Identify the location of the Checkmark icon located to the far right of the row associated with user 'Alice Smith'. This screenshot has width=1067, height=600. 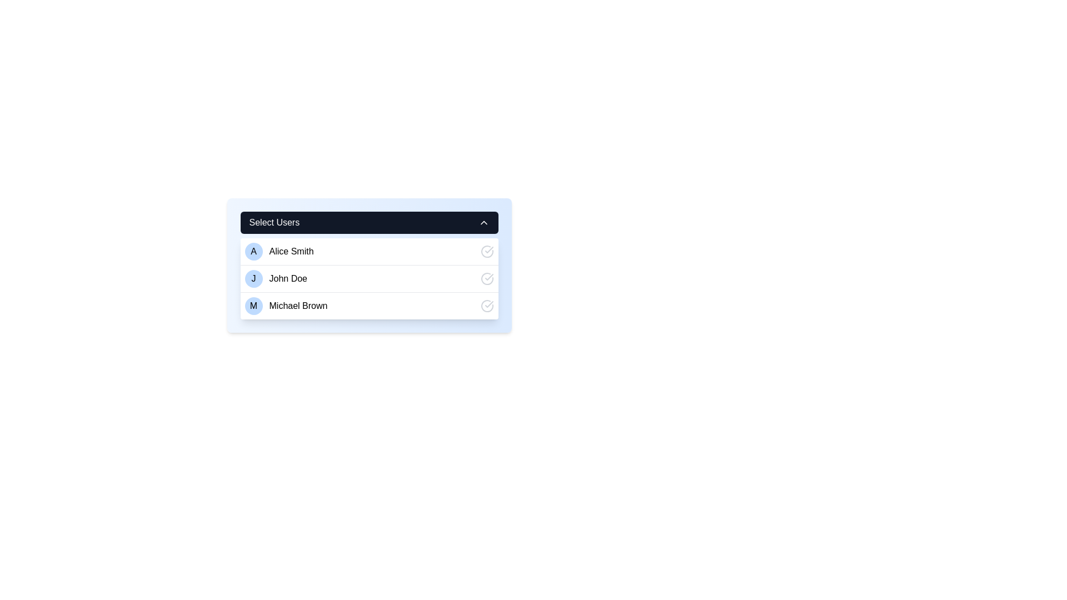
(487, 251).